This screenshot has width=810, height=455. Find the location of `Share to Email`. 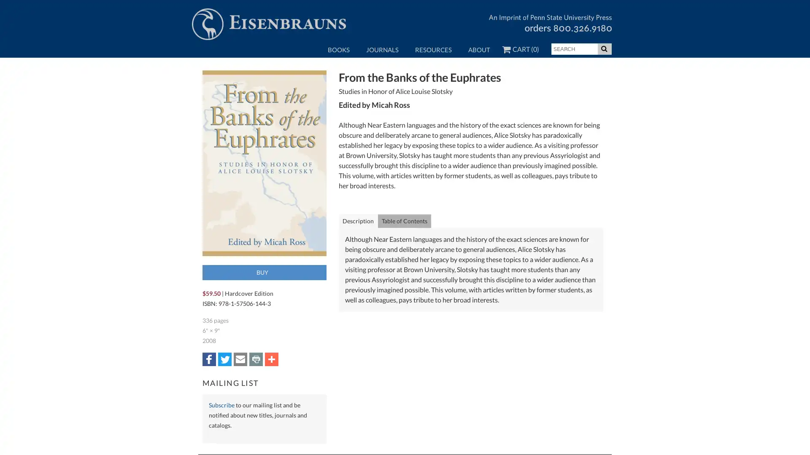

Share to Email is located at coordinates (240, 359).